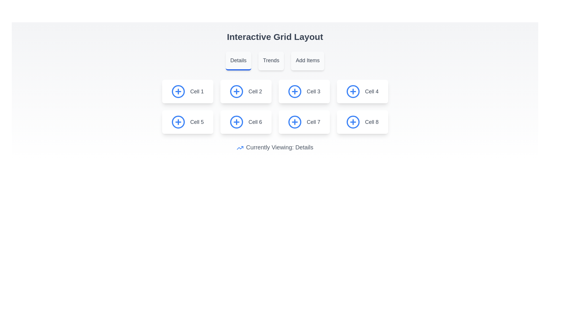 The width and height of the screenshot is (565, 317). What do you see at coordinates (295, 122) in the screenshot?
I see `the circular '+' button with a blue border located in 'Cell 7' of the grid under 'Interactive Grid Layout'` at bounding box center [295, 122].